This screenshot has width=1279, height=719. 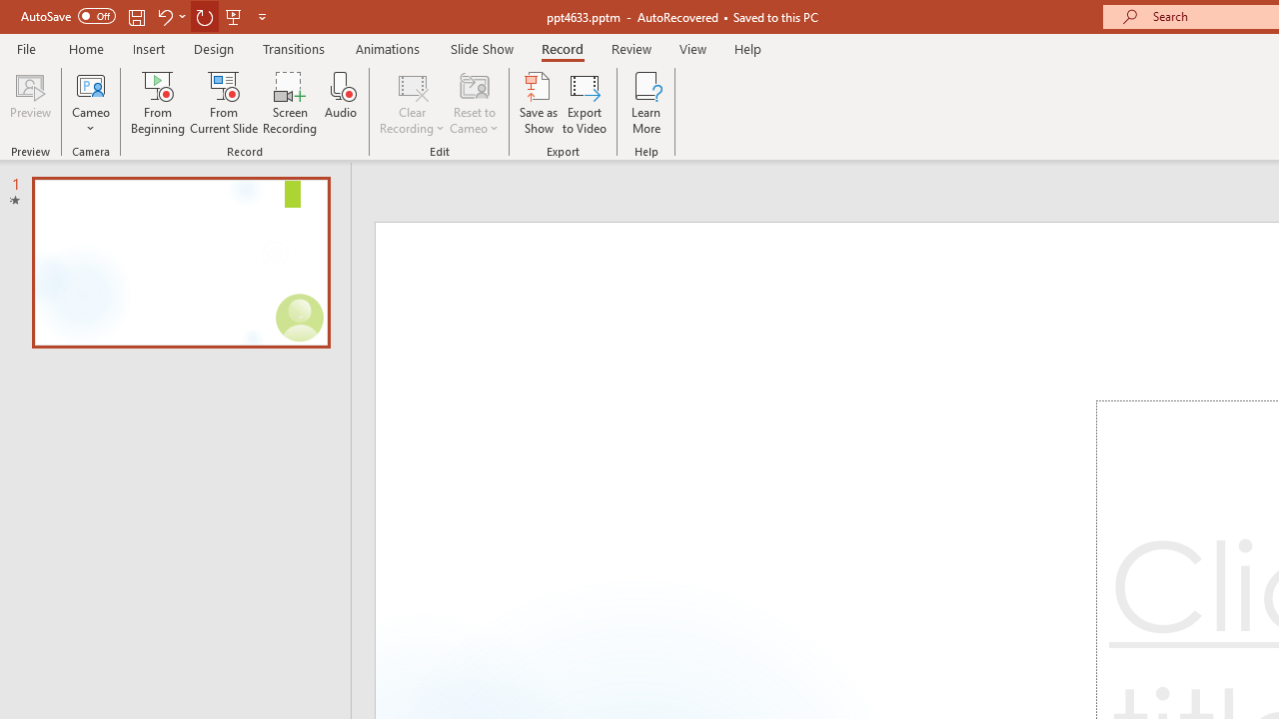 I want to click on 'Home', so click(x=85, y=48).